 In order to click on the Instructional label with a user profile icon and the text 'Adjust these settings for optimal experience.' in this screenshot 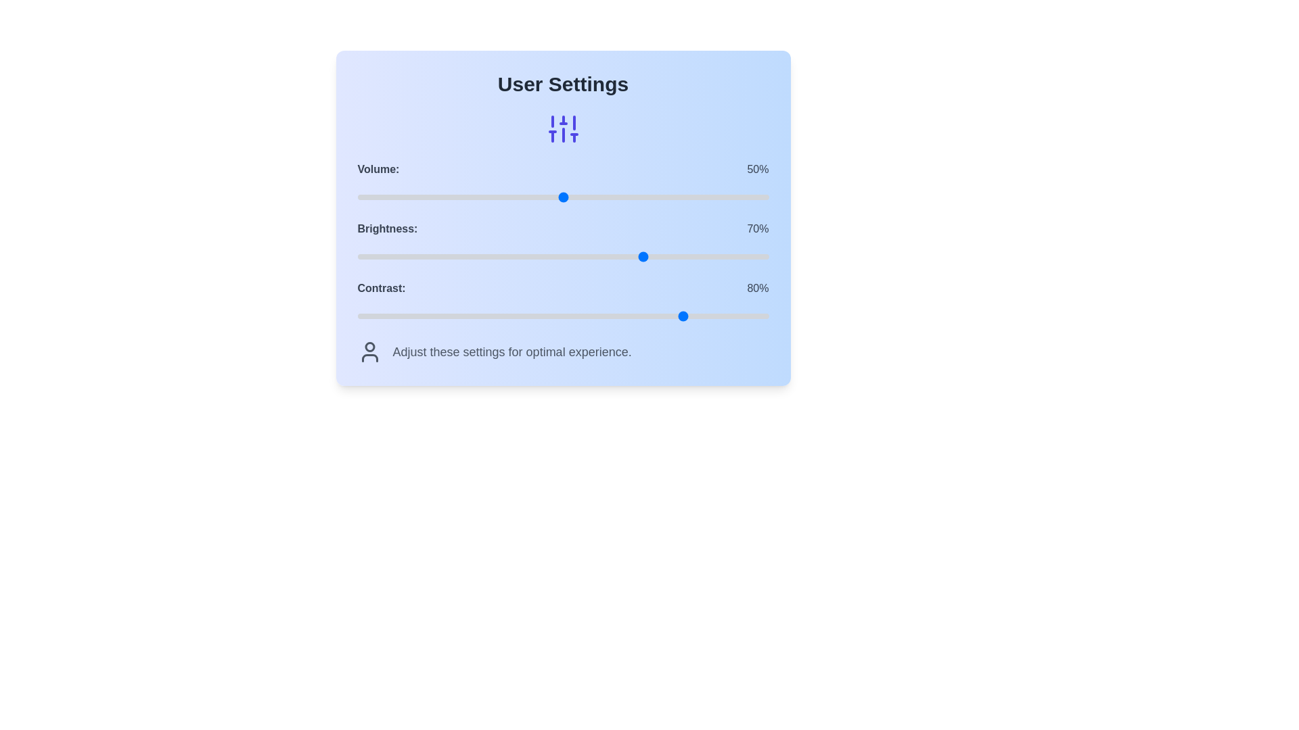, I will do `click(563, 351)`.